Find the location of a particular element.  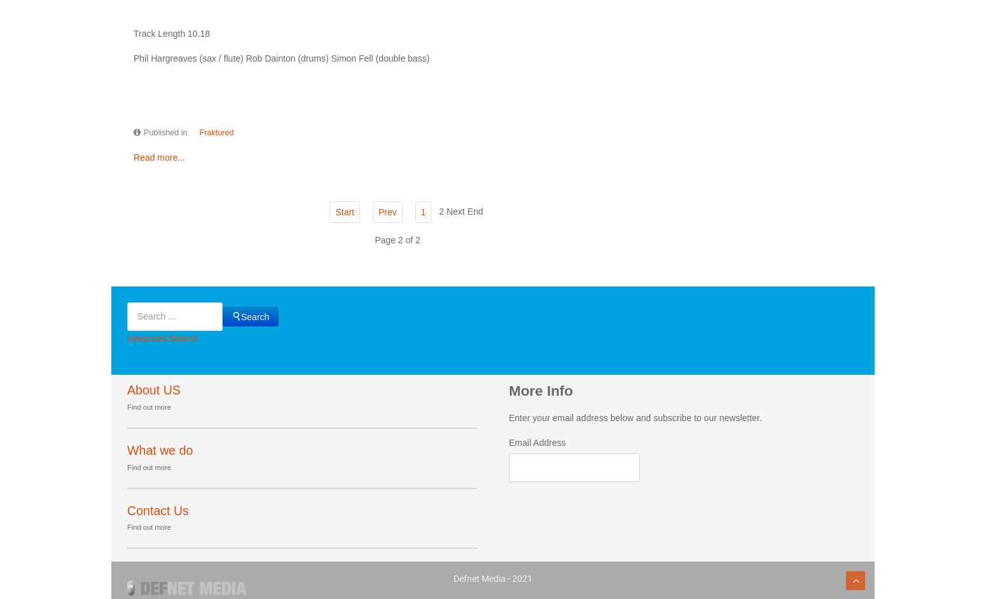

'Read more...' is located at coordinates (159, 156).